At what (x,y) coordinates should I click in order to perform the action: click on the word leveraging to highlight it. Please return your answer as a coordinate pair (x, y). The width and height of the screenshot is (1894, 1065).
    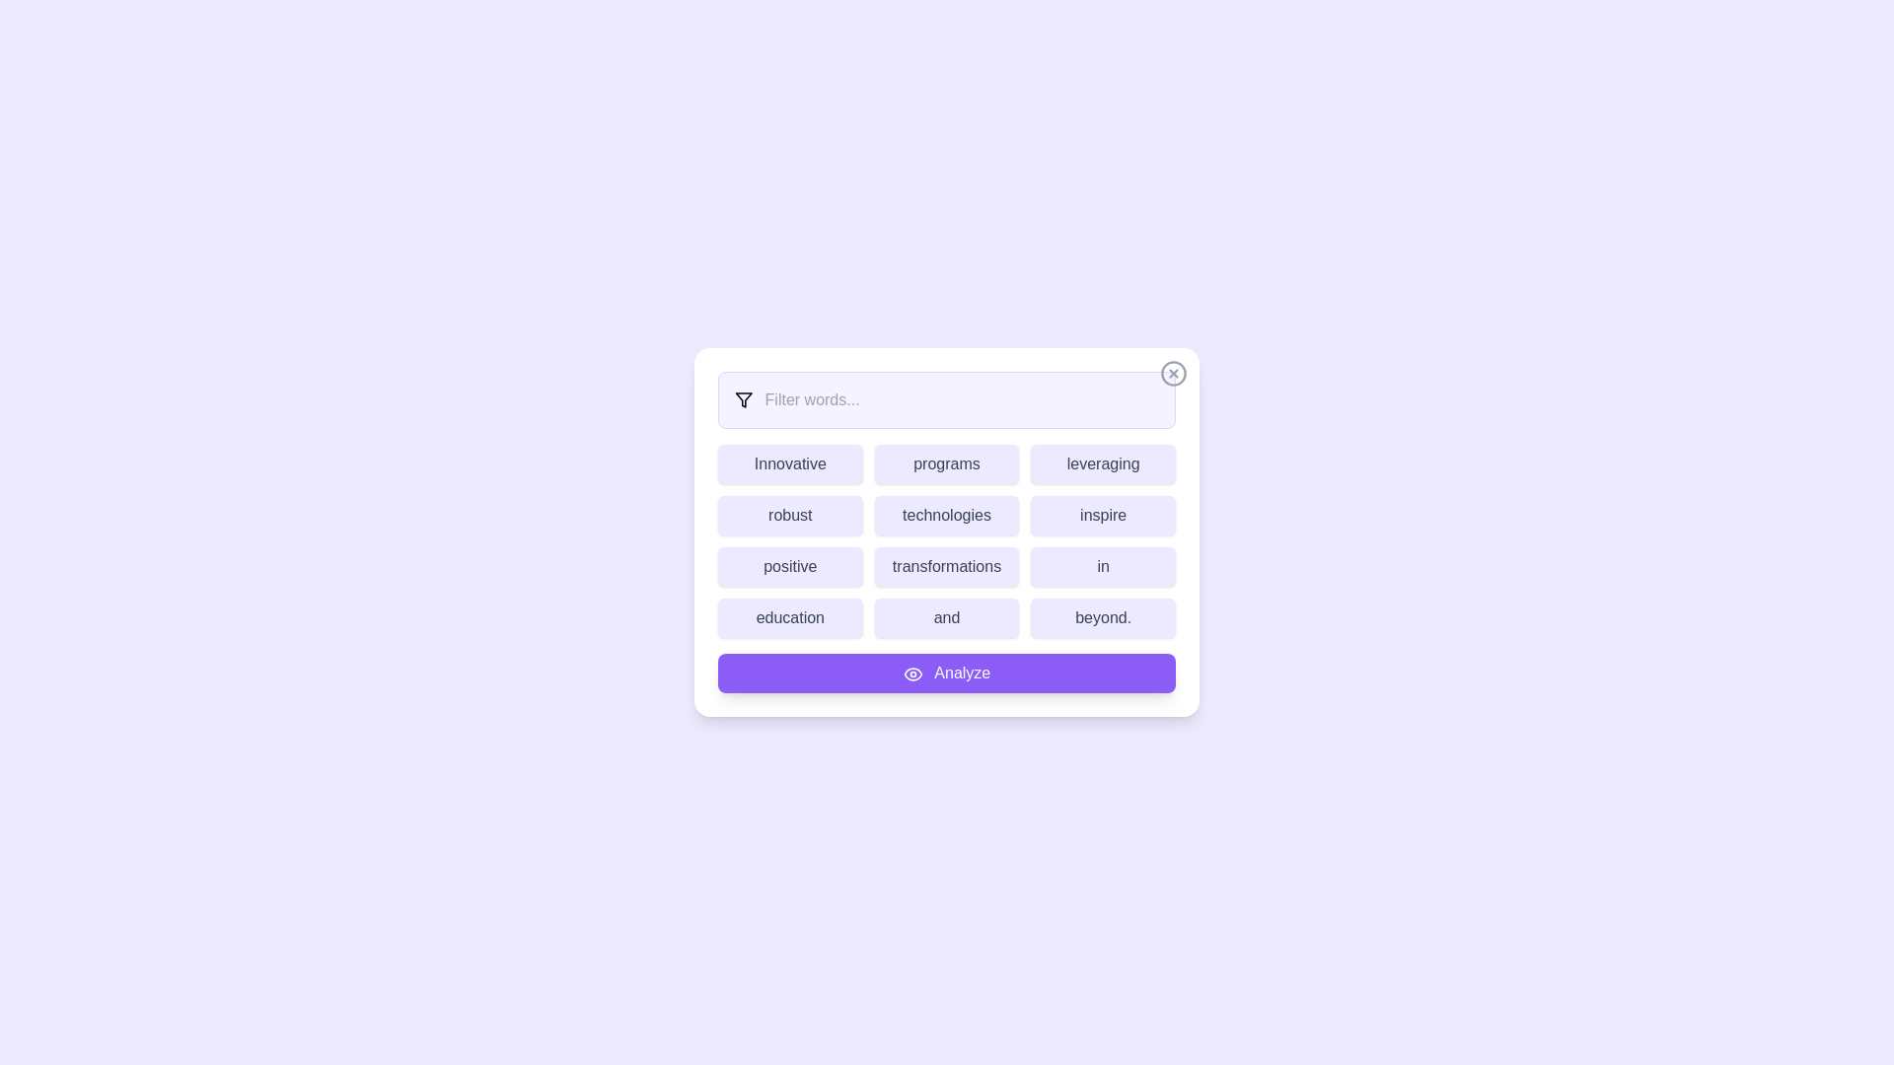
    Looking at the image, I should click on (1102, 463).